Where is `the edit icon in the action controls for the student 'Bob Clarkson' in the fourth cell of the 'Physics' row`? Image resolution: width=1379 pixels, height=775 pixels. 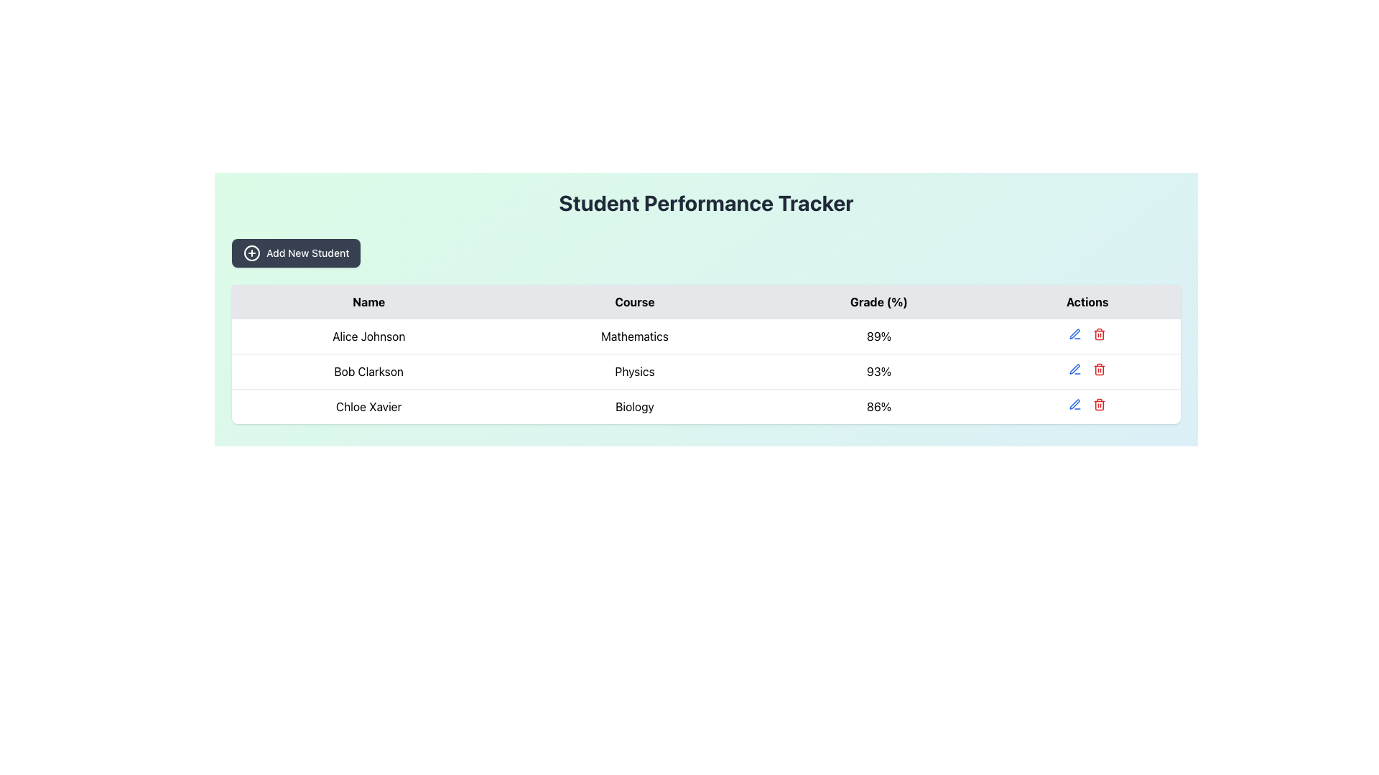 the edit icon in the action controls for the student 'Bob Clarkson' in the fourth cell of the 'Physics' row is located at coordinates (1087, 370).